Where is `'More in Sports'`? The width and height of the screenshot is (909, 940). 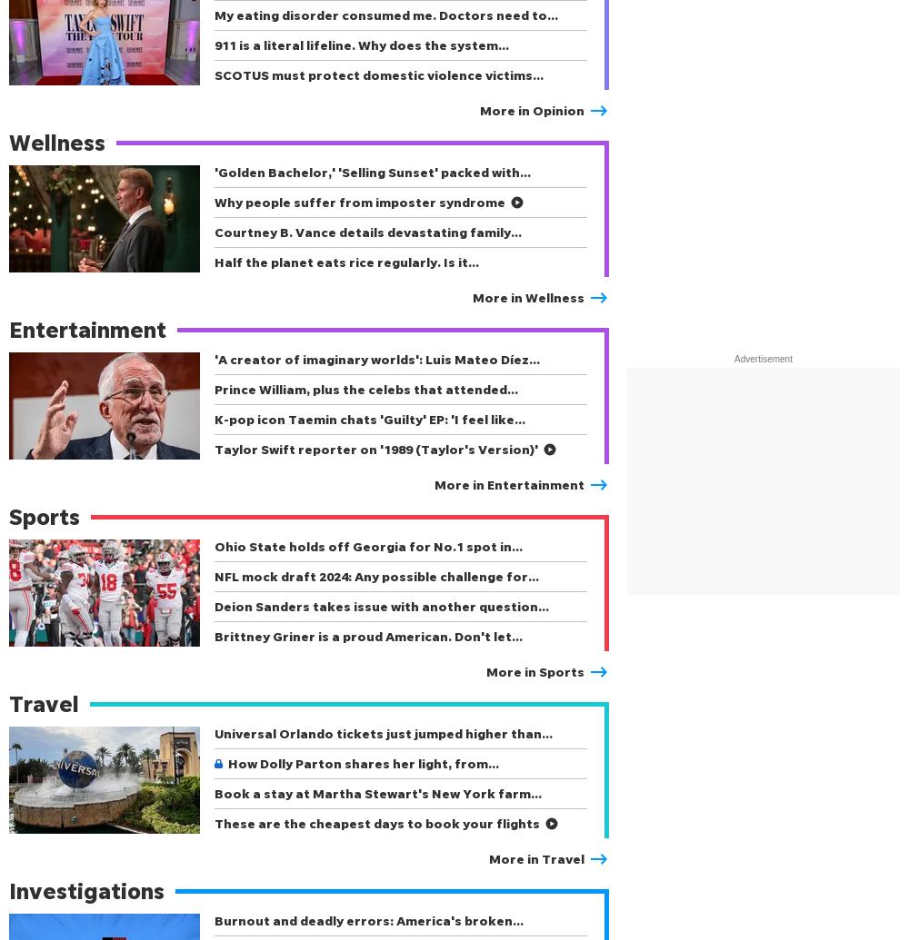
'More in Sports' is located at coordinates (534, 670).